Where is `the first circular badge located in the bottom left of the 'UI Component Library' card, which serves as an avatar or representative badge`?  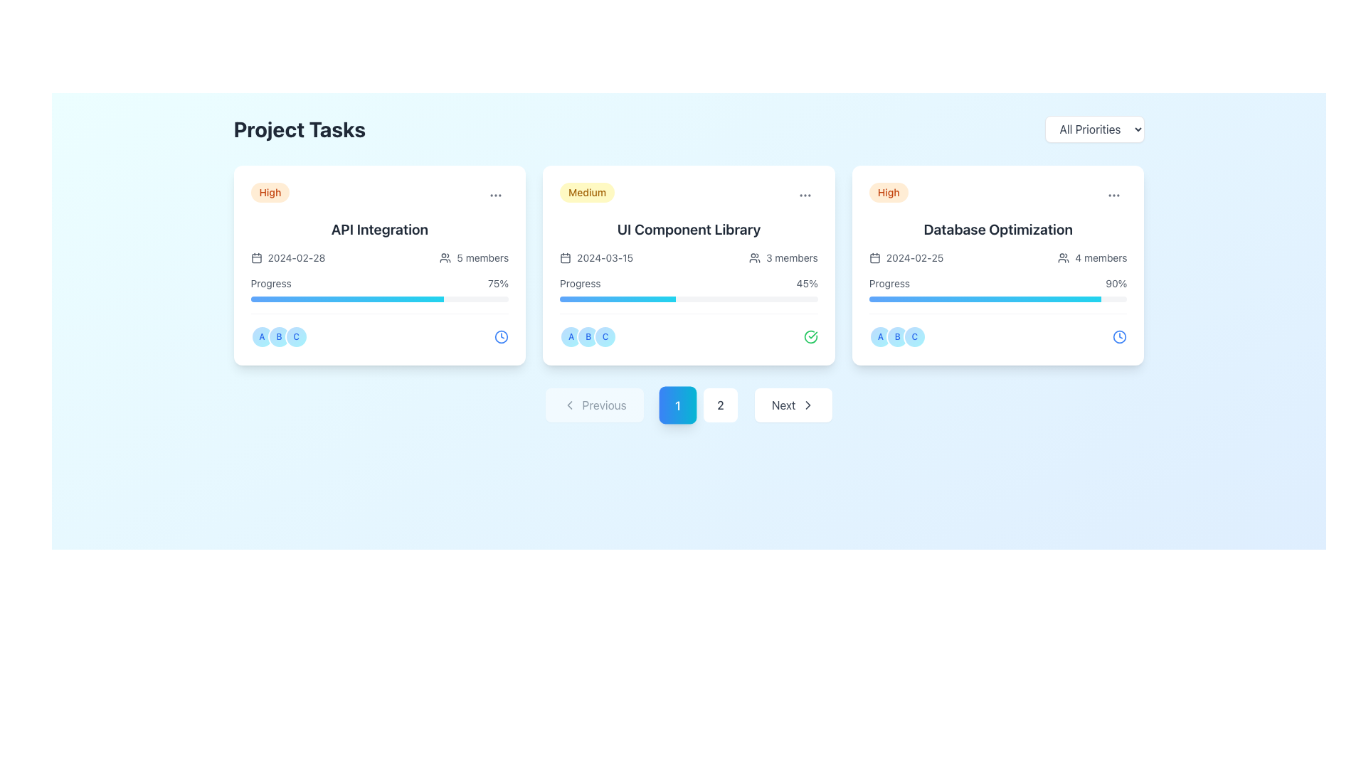
the first circular badge located in the bottom left of the 'UI Component Library' card, which serves as an avatar or representative badge is located at coordinates (571, 337).